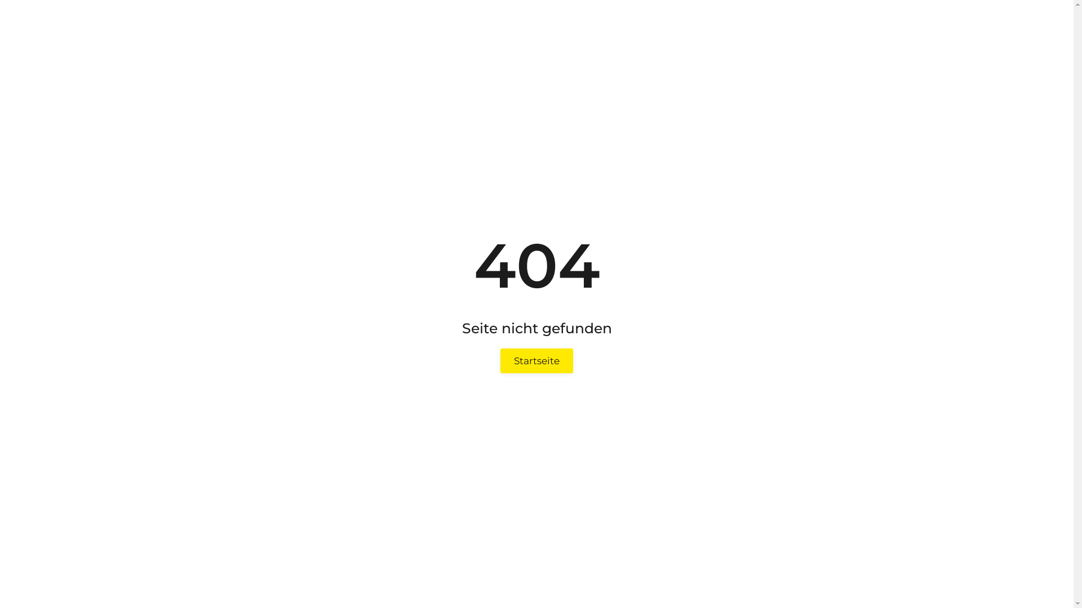 The height and width of the screenshot is (608, 1082). I want to click on 'Startseite', so click(536, 360).